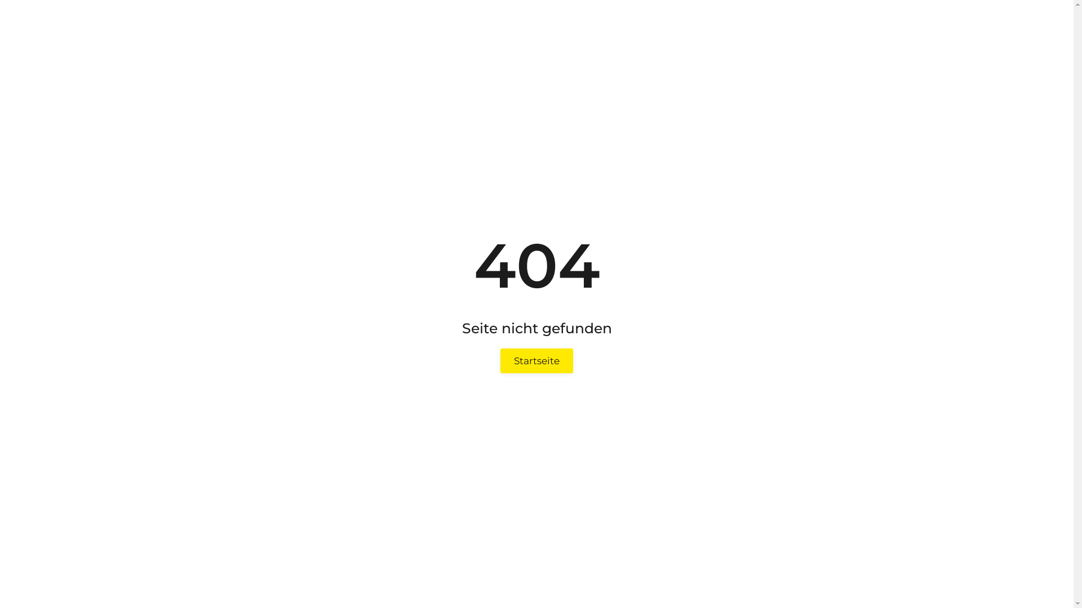 The height and width of the screenshot is (608, 1082). I want to click on 'Startseite', so click(536, 360).